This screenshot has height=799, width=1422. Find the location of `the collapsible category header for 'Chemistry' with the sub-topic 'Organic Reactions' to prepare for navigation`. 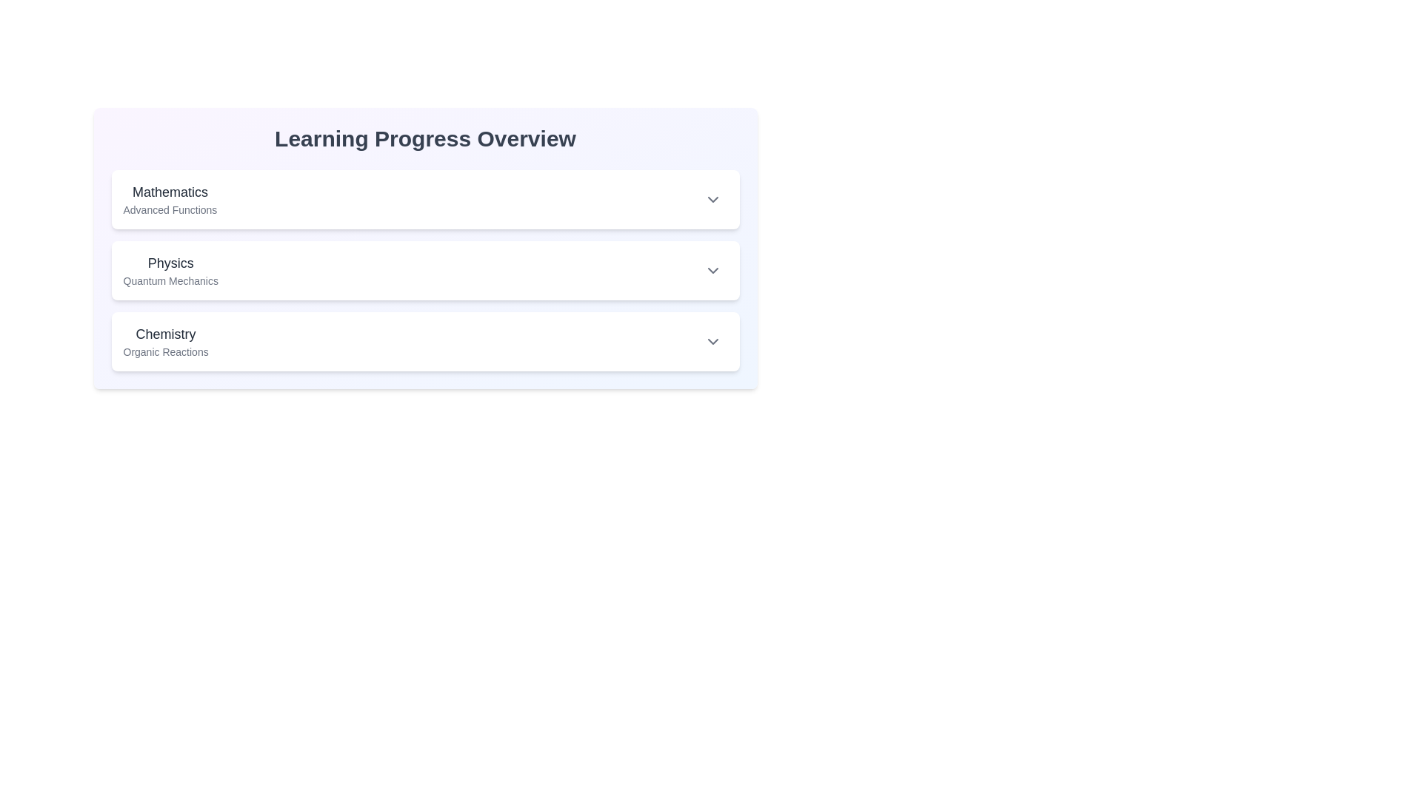

the collapsible category header for 'Chemistry' with the sub-topic 'Organic Reactions' to prepare for navigation is located at coordinates (424, 342).